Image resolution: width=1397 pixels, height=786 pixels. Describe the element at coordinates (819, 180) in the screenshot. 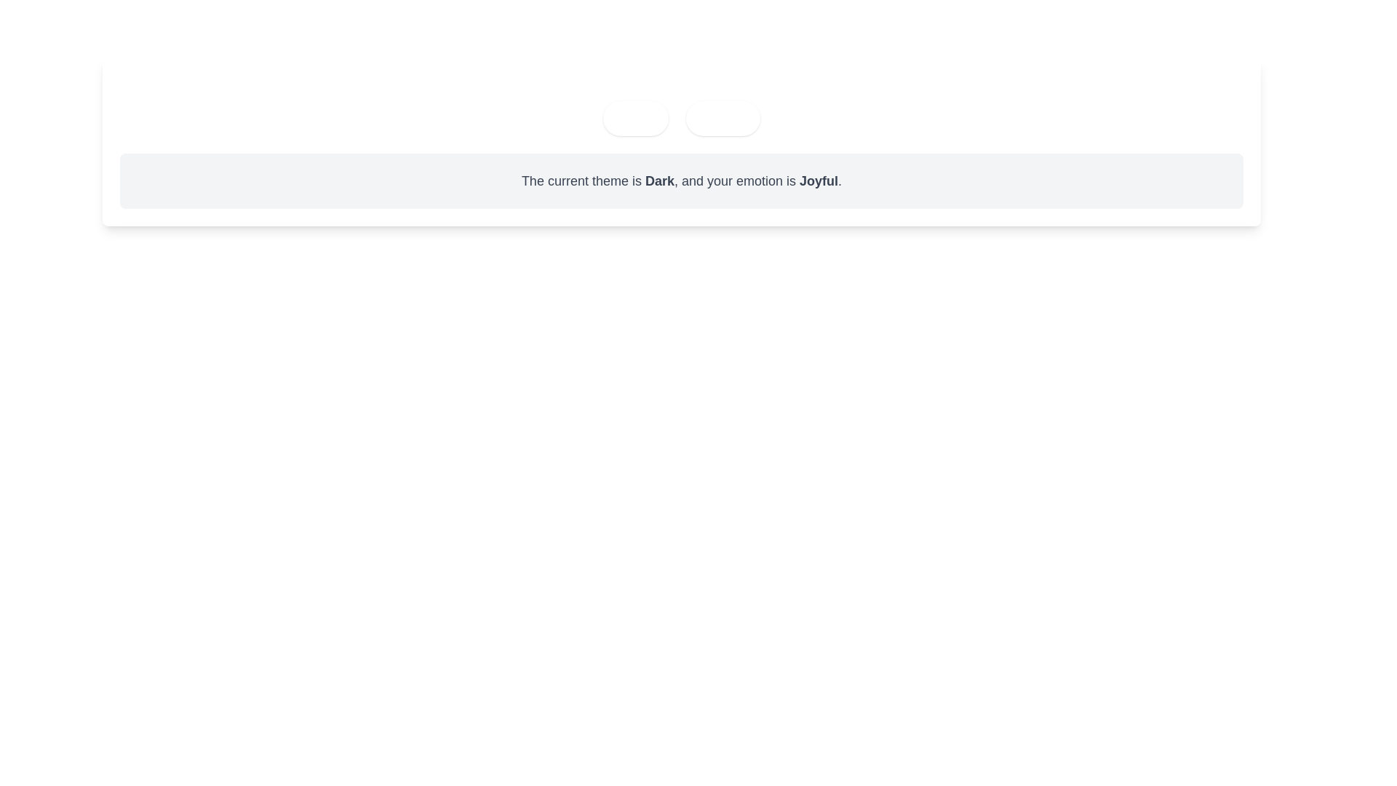

I see `static text label displaying the word 'Joyful' located at the end of the sentence 'The current theme is Dark, and your emotion is Joyful.'` at that location.